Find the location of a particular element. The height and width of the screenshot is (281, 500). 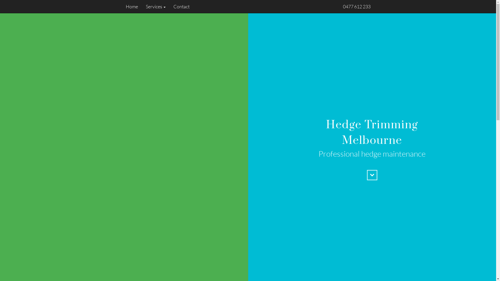

'Contact' is located at coordinates (179, 6).